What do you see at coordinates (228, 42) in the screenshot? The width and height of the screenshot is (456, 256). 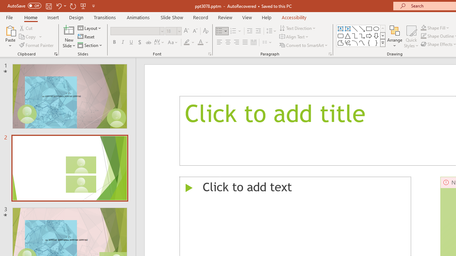 I see `'Center'` at bounding box center [228, 42].